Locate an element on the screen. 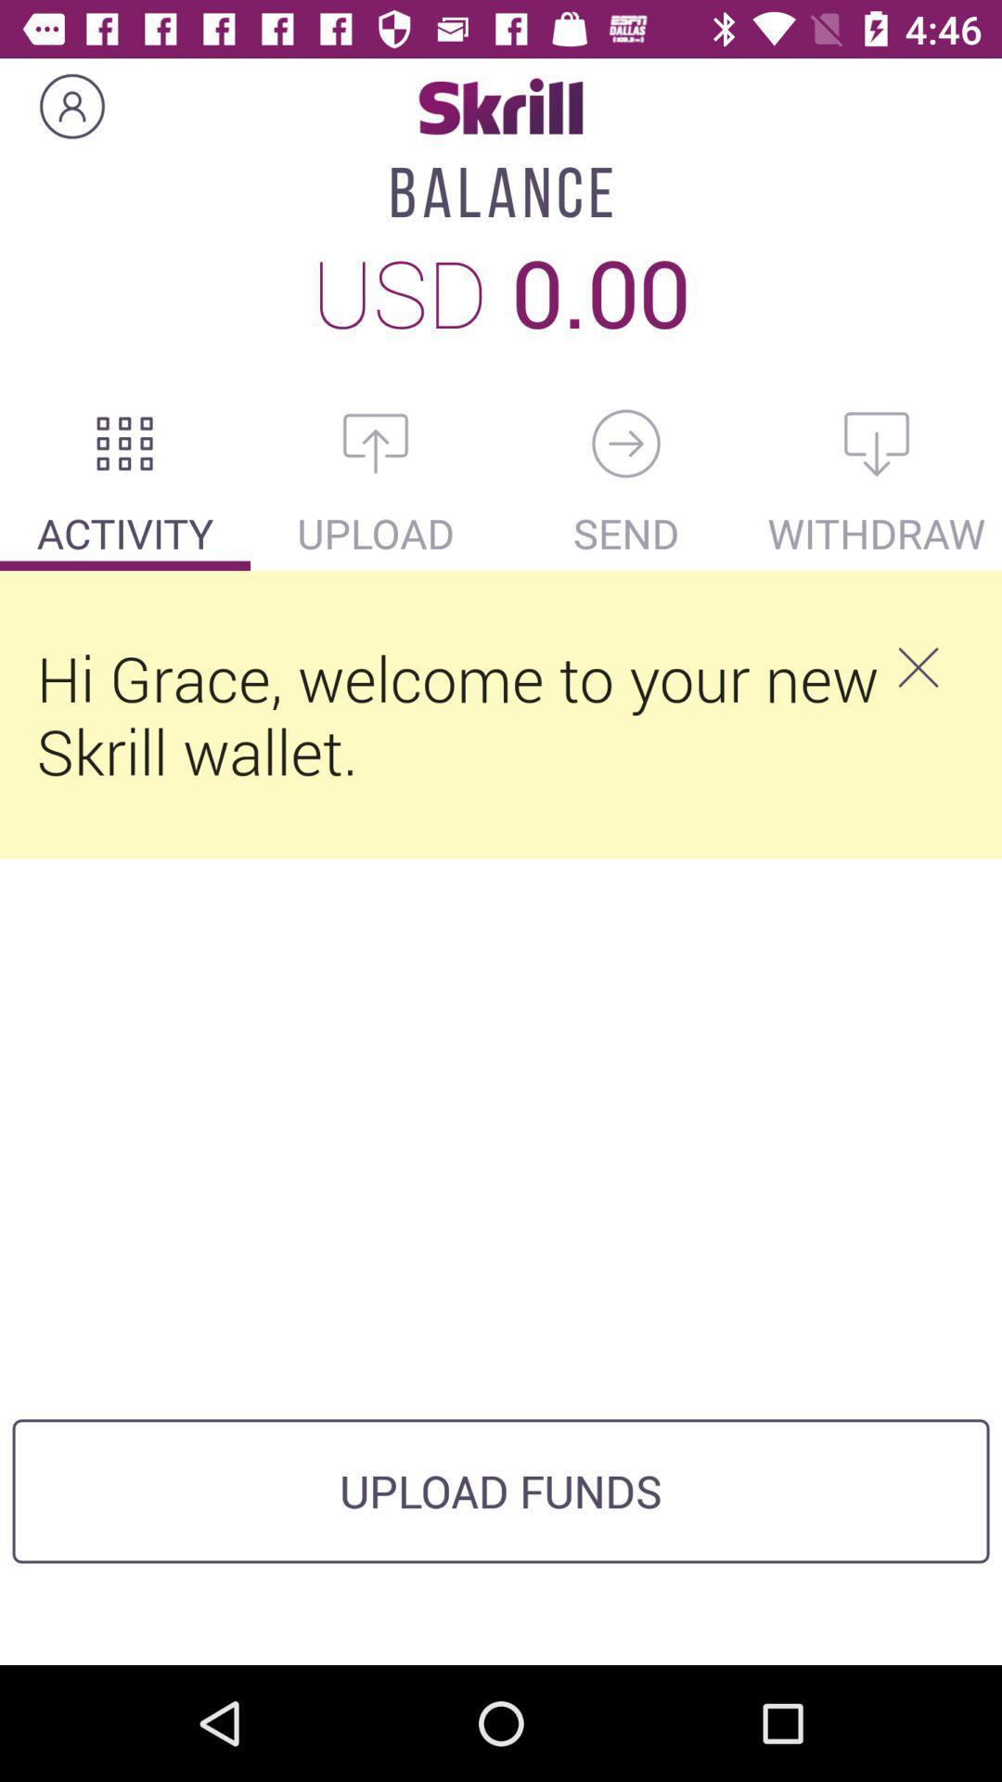 The image size is (1002, 1782). icon next to hi grace welcome icon is located at coordinates (917, 667).